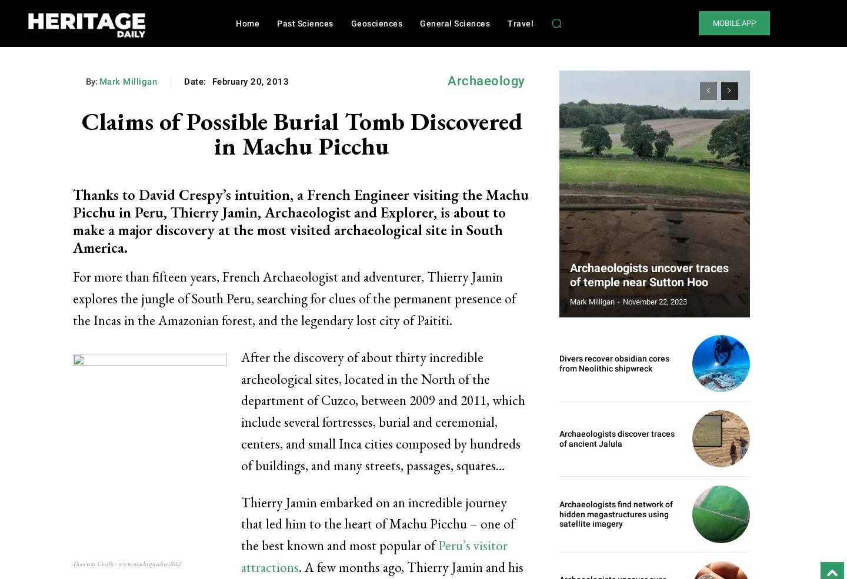 The image size is (847, 579). Describe the element at coordinates (375, 22) in the screenshot. I see `'Geosciences'` at that location.